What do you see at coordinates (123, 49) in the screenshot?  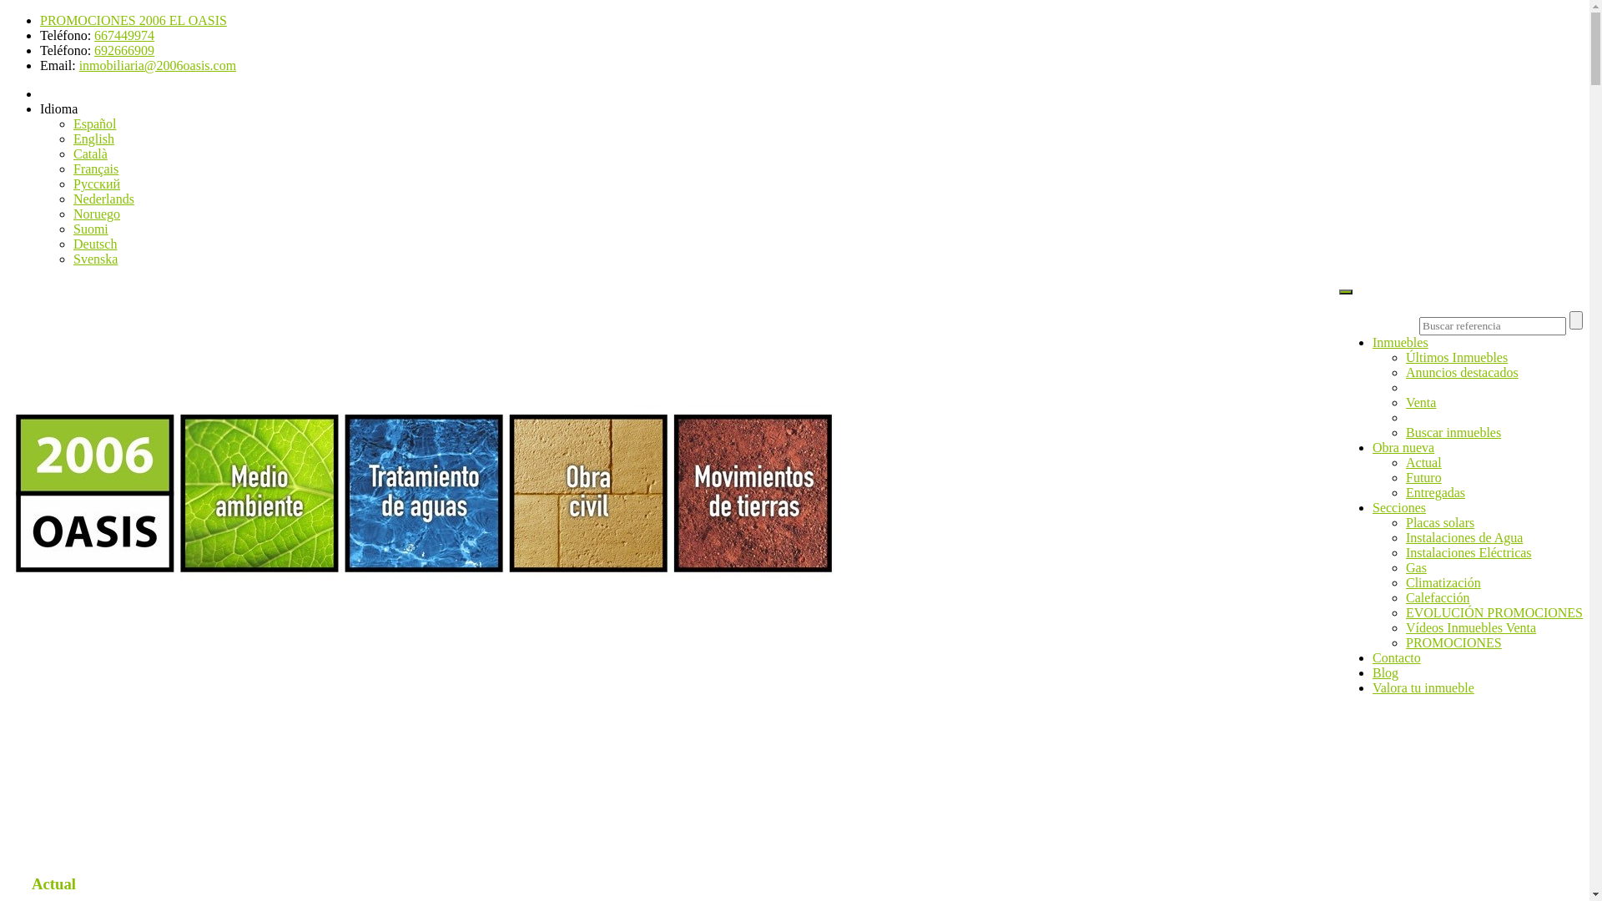 I see `'692666909'` at bounding box center [123, 49].